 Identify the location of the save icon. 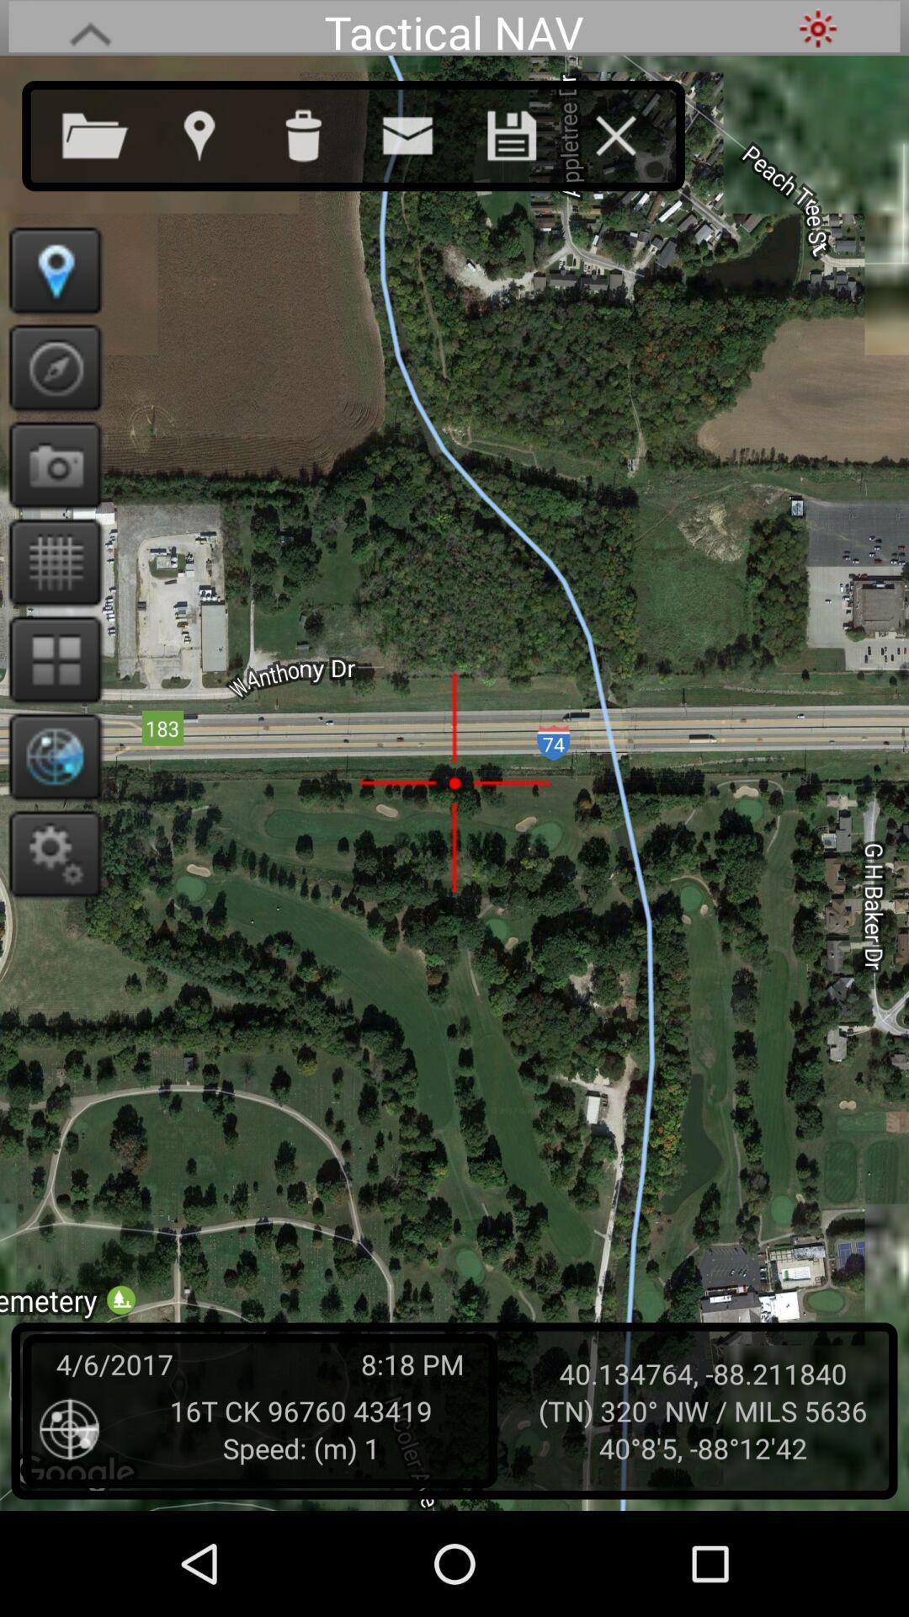
(528, 141).